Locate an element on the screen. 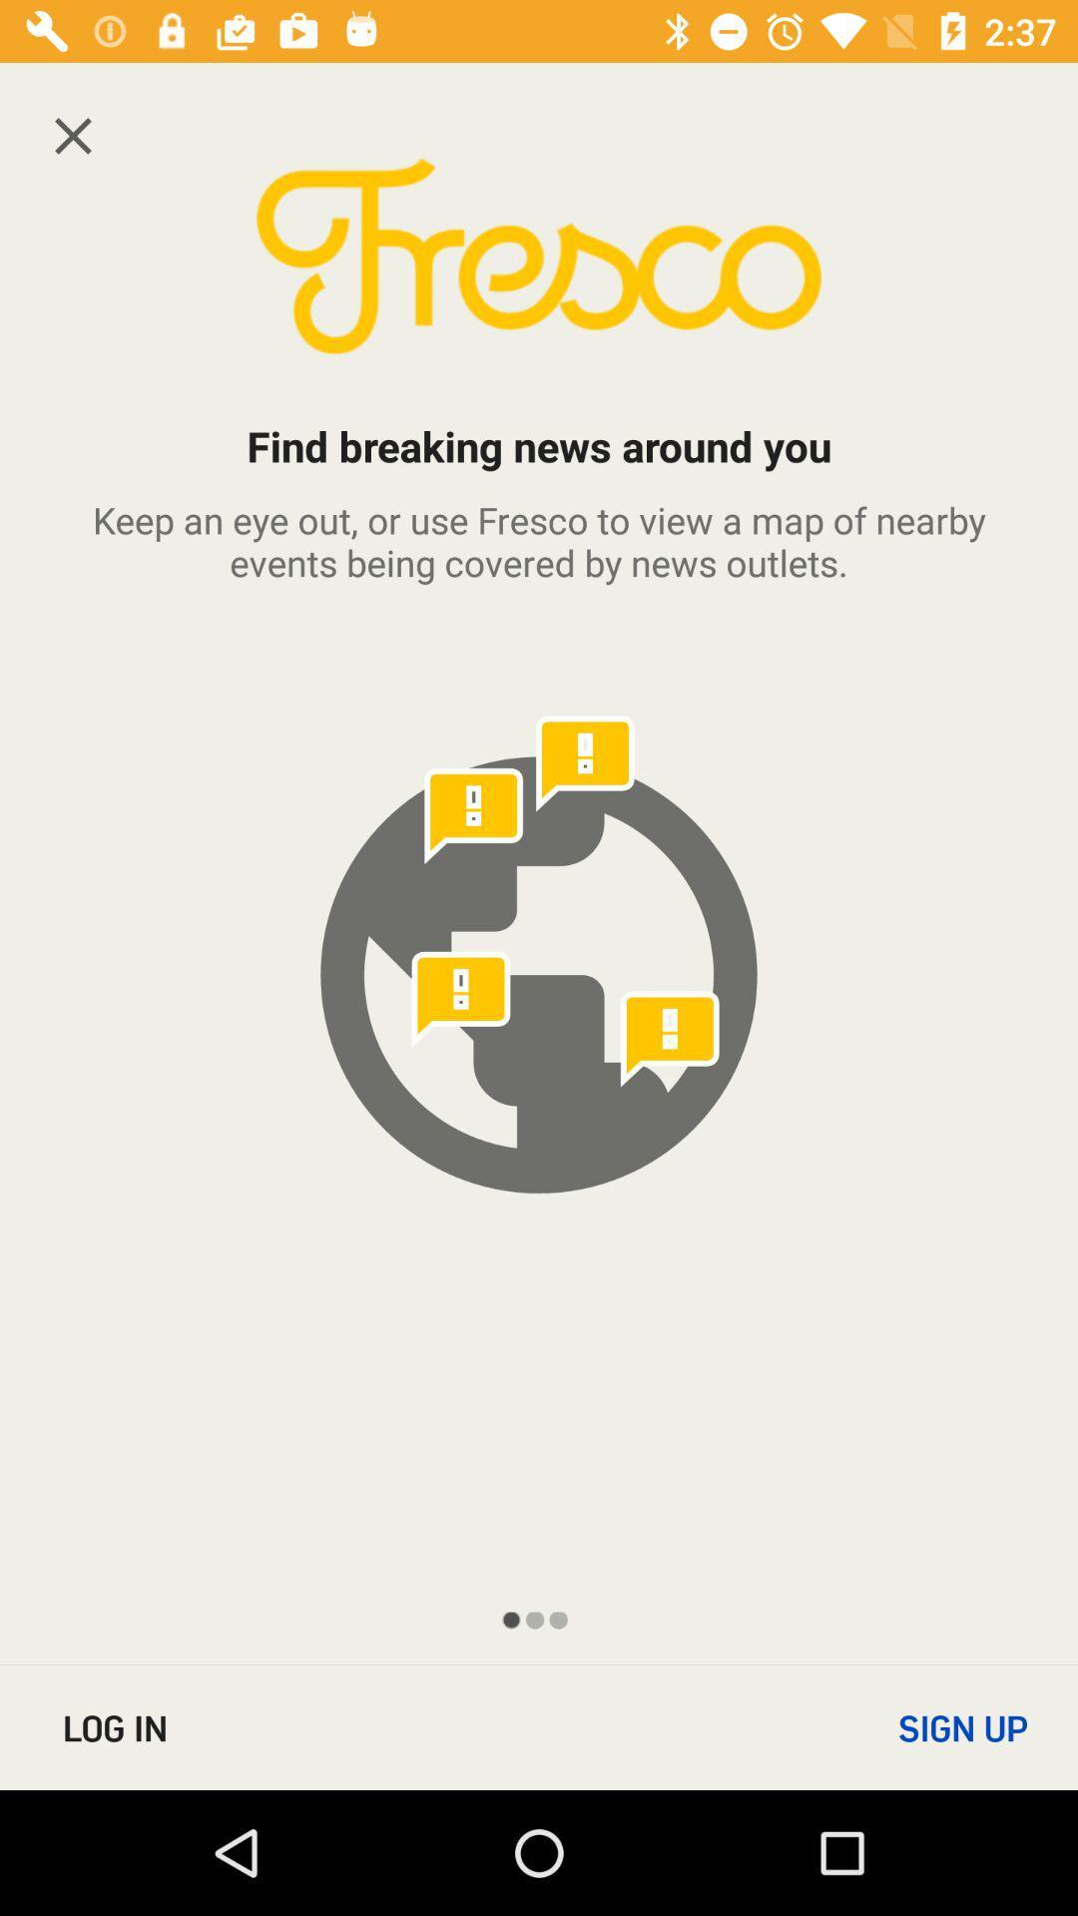 The width and height of the screenshot is (1078, 1916). the close icon is located at coordinates (72, 135).